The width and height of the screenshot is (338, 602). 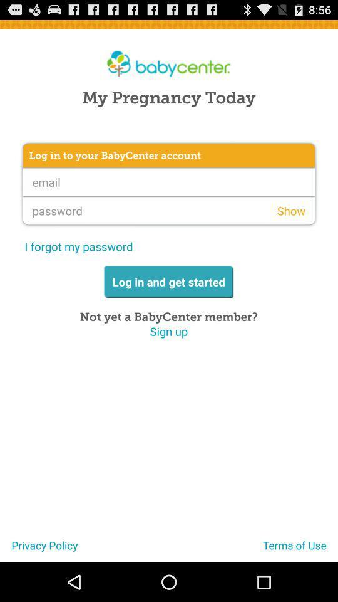 I want to click on terms of use, so click(x=300, y=549).